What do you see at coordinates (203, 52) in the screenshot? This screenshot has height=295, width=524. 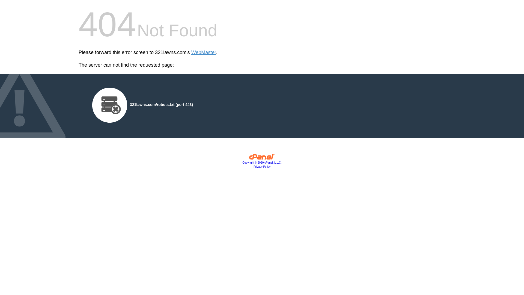 I see `'WebMaster'` at bounding box center [203, 52].